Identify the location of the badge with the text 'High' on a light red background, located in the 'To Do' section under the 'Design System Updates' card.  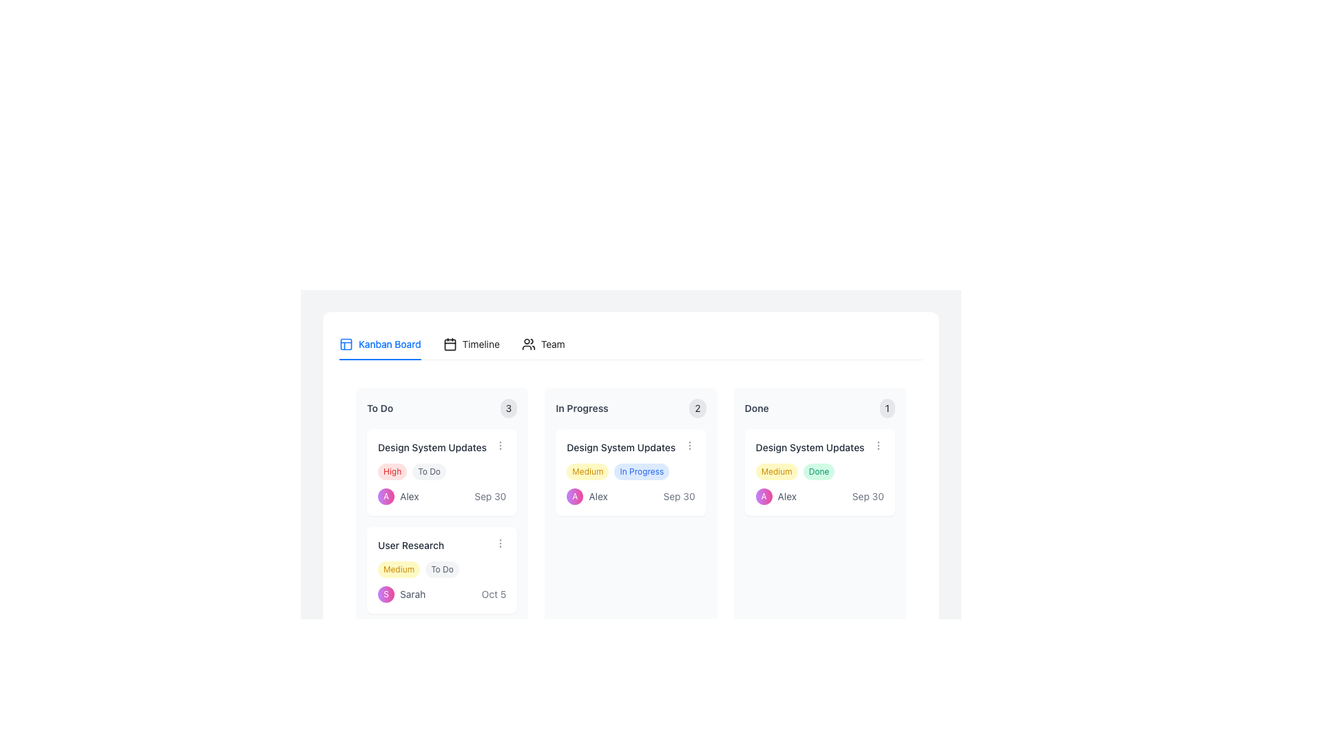
(392, 471).